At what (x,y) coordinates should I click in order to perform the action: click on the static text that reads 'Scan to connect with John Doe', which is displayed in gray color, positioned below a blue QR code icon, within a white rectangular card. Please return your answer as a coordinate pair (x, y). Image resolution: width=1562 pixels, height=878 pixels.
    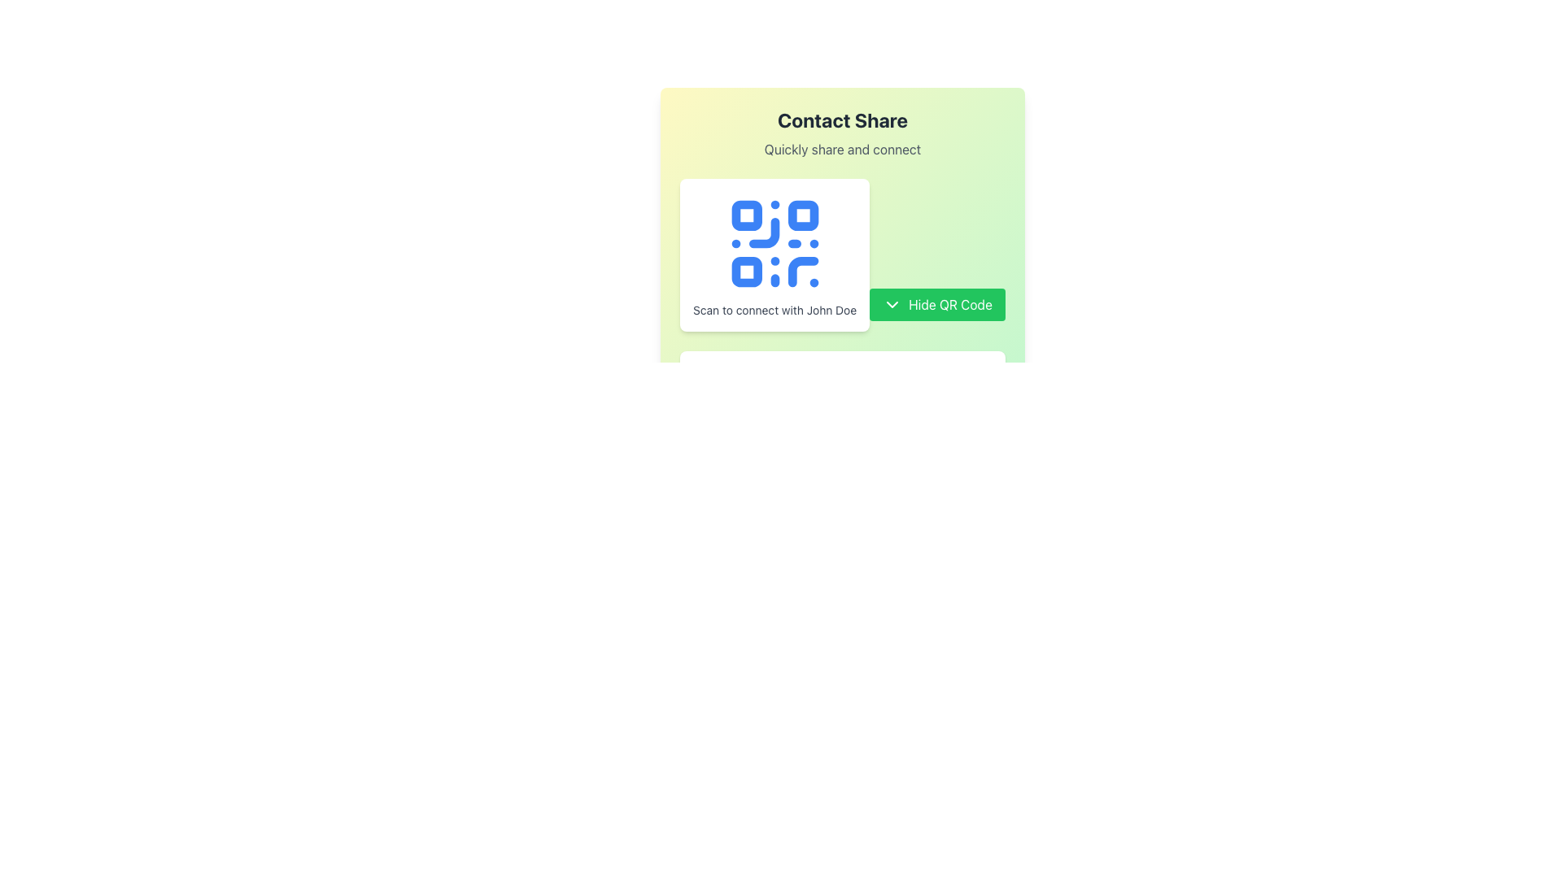
    Looking at the image, I should click on (774, 310).